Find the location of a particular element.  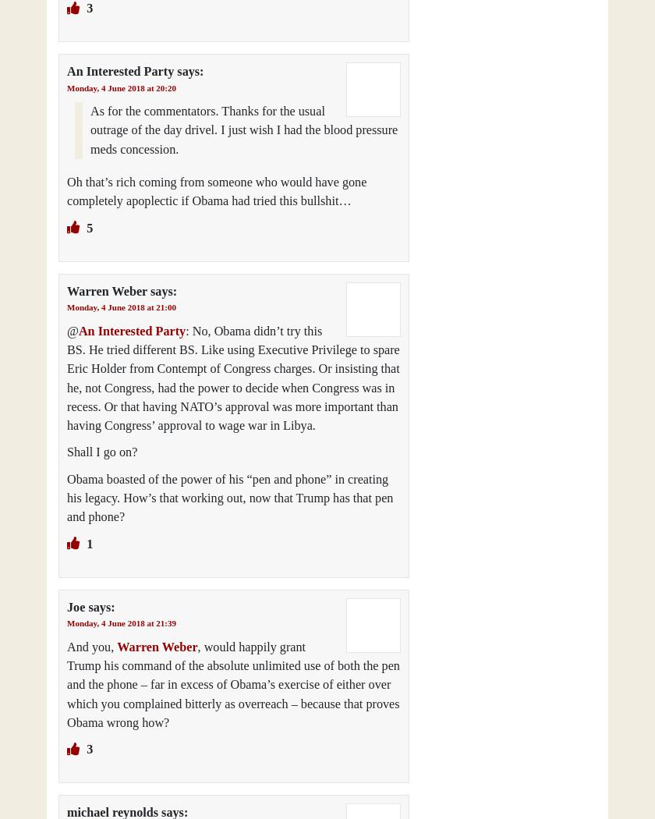

'Oh that’s rich coming from someone who would have gone completely apoplectic if Obama had tried this bullshit…' is located at coordinates (217, 191).